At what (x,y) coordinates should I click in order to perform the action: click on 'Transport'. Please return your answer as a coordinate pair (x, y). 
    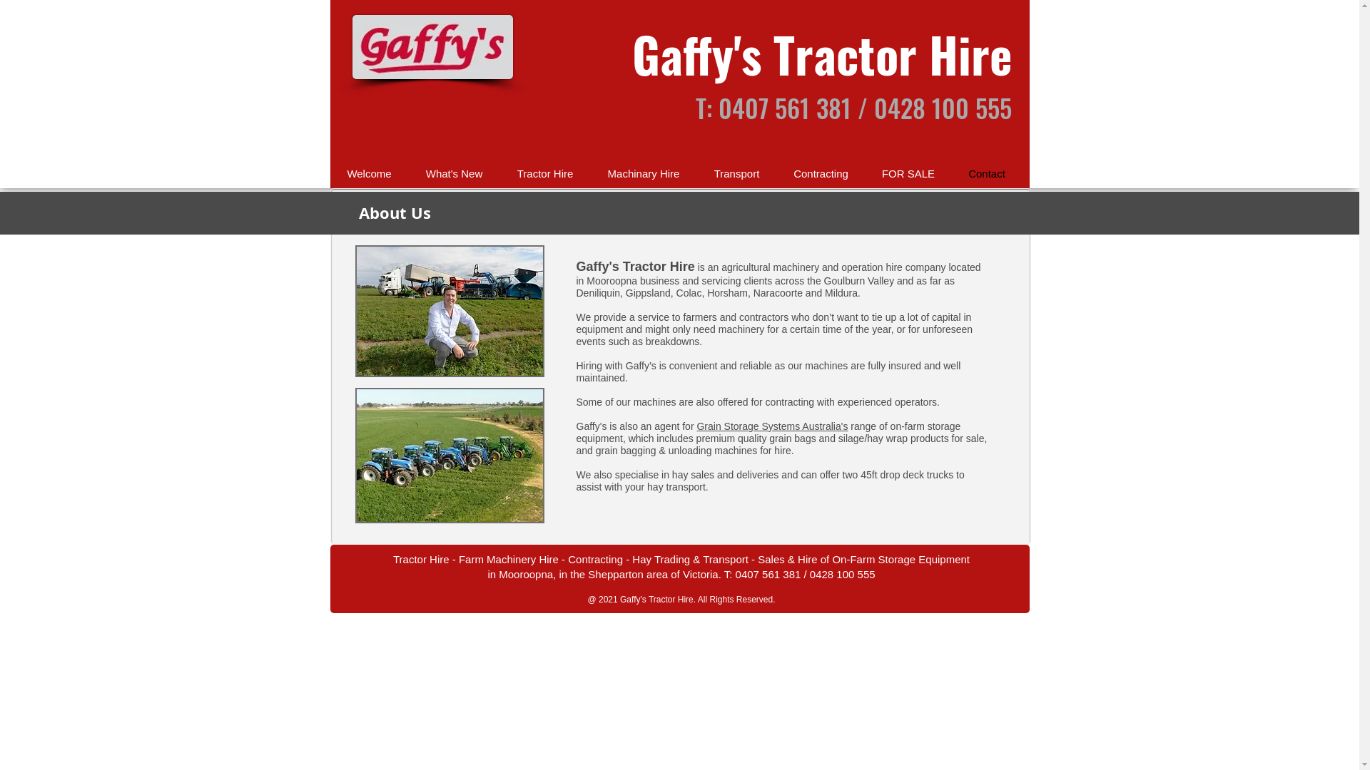
    Looking at the image, I should click on (696, 173).